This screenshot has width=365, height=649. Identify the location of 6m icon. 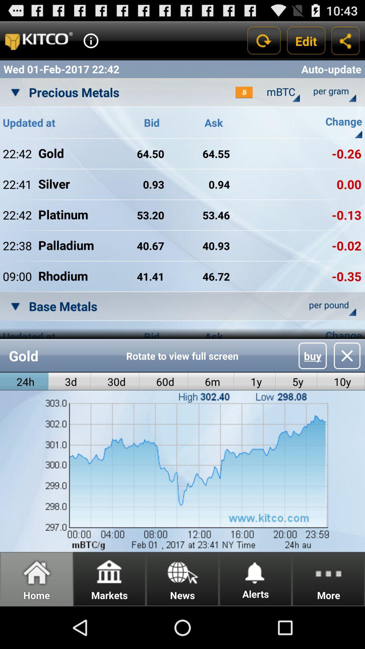
(211, 382).